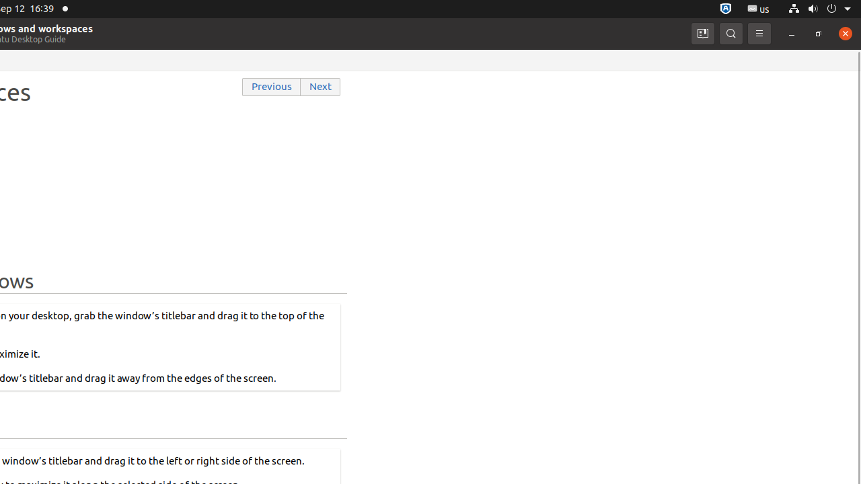 The image size is (861, 484). What do you see at coordinates (791, 32) in the screenshot?
I see `'Minimize'` at bounding box center [791, 32].